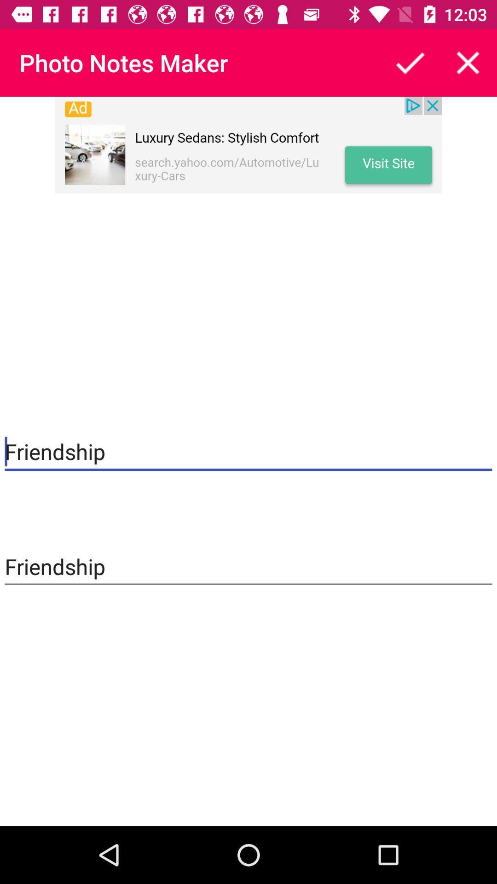 The width and height of the screenshot is (497, 884). What do you see at coordinates (410, 62) in the screenshot?
I see `select option` at bounding box center [410, 62].